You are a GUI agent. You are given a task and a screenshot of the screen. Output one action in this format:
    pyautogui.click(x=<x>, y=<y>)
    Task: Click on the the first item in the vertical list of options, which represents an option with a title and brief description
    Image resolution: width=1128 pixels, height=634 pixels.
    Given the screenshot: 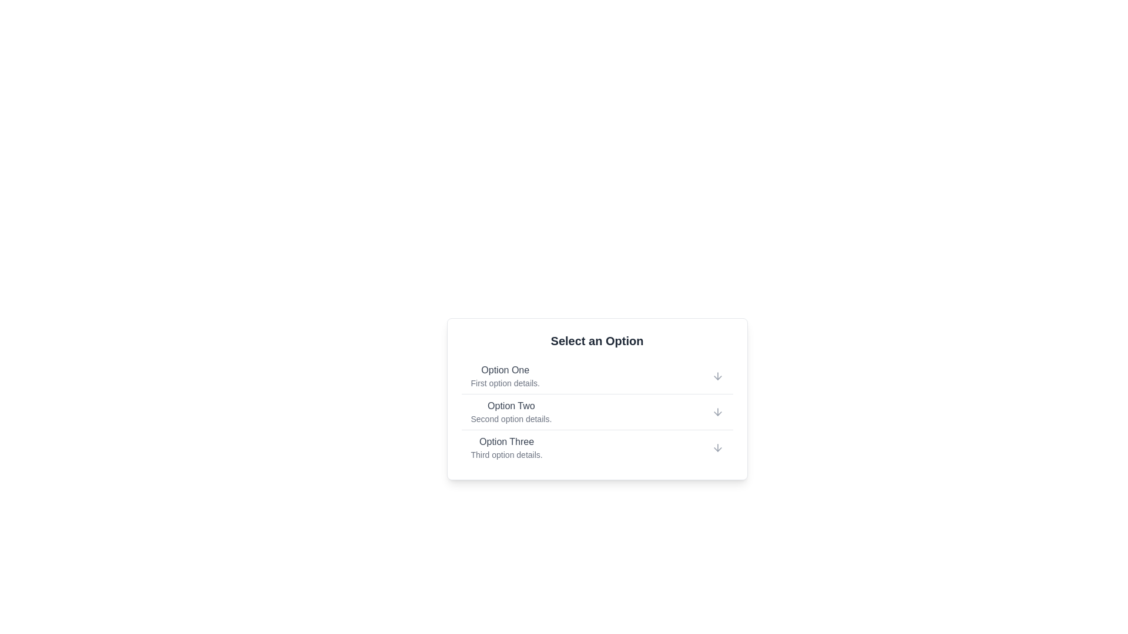 What is the action you would take?
    pyautogui.click(x=505, y=376)
    